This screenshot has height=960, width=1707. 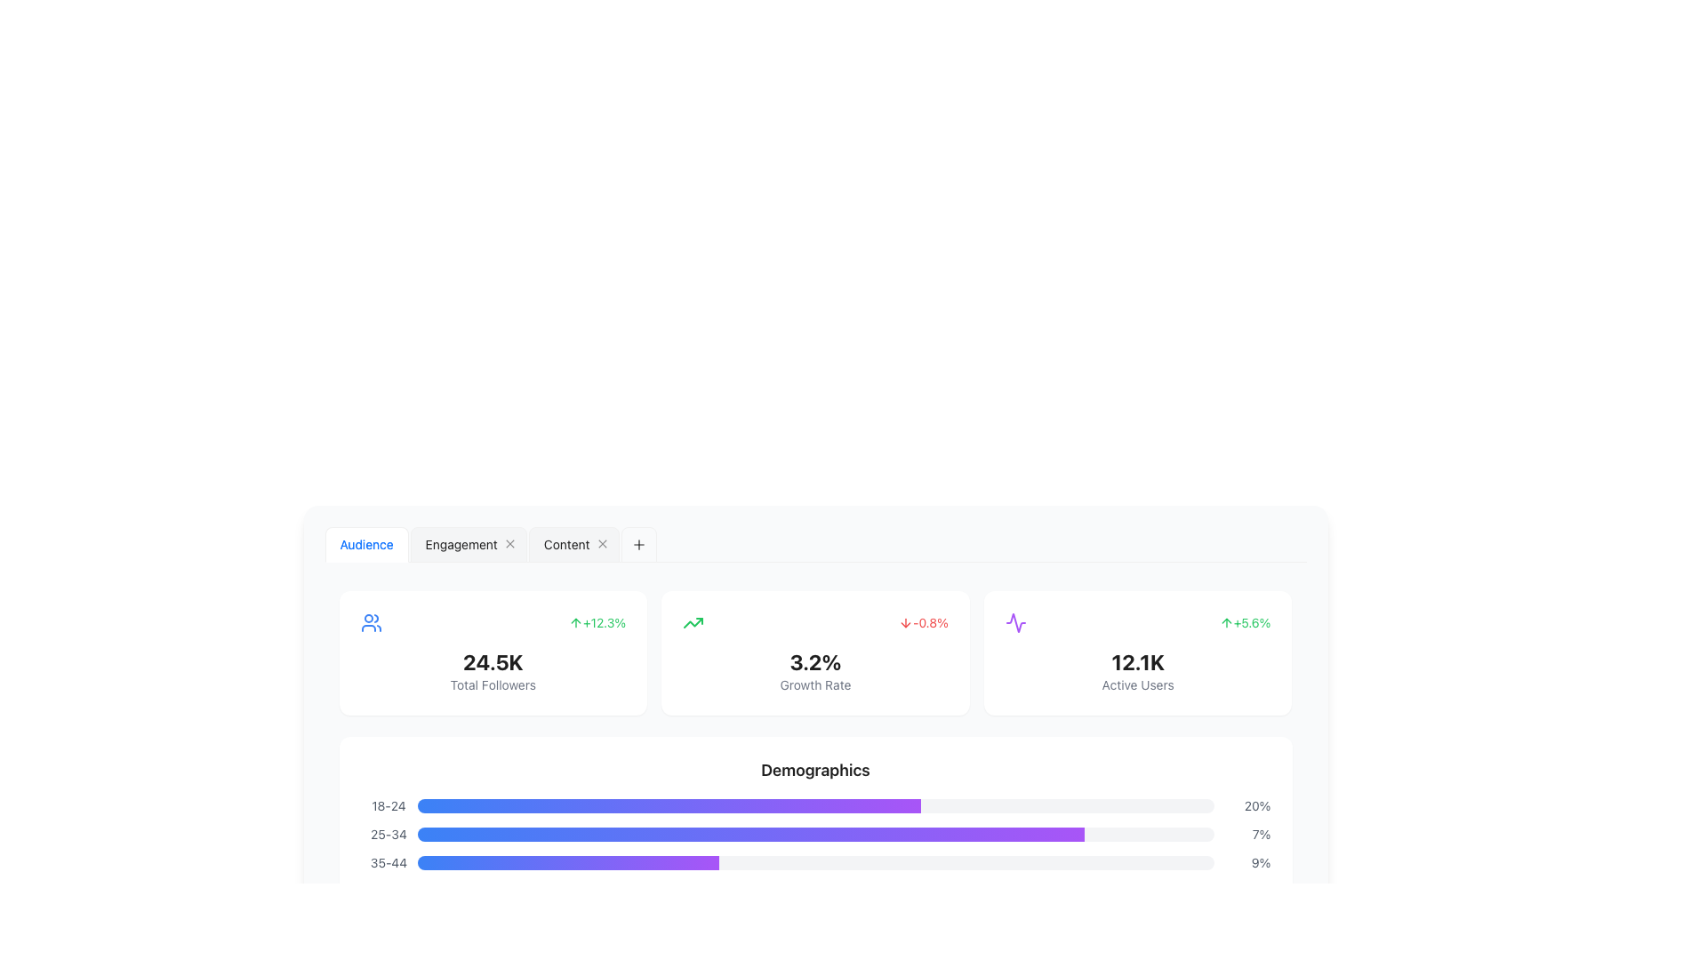 What do you see at coordinates (1138, 684) in the screenshot?
I see `the text element displaying 'Active Users' in gray font, located beneath the numeral '12.1K' on the user analytics card` at bounding box center [1138, 684].